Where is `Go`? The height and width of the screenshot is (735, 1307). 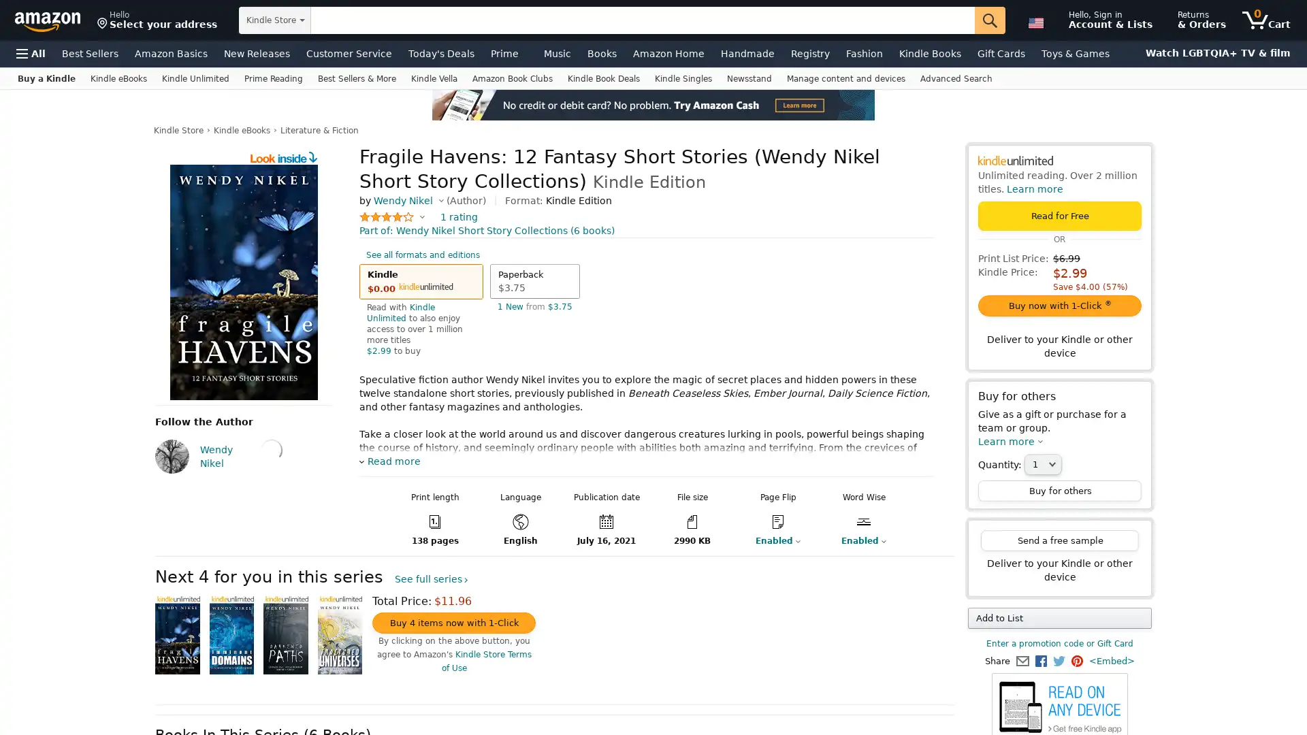 Go is located at coordinates (990, 20).